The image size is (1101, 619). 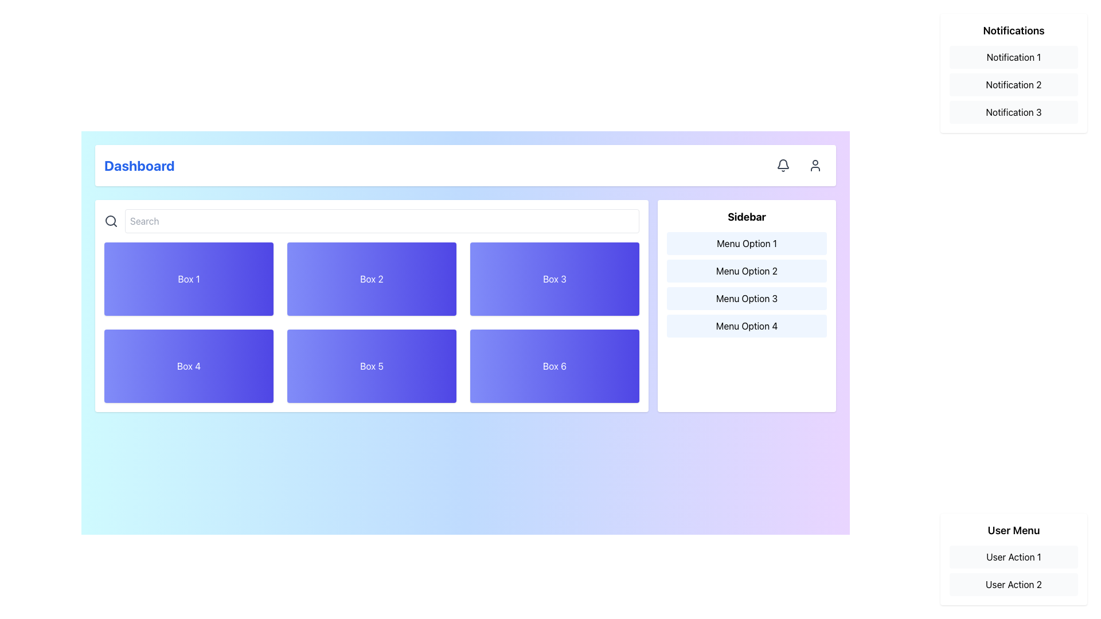 What do you see at coordinates (189, 279) in the screenshot?
I see `the top-left rectangular box with rounded corners and white text 'Box 1' in the grid layout` at bounding box center [189, 279].